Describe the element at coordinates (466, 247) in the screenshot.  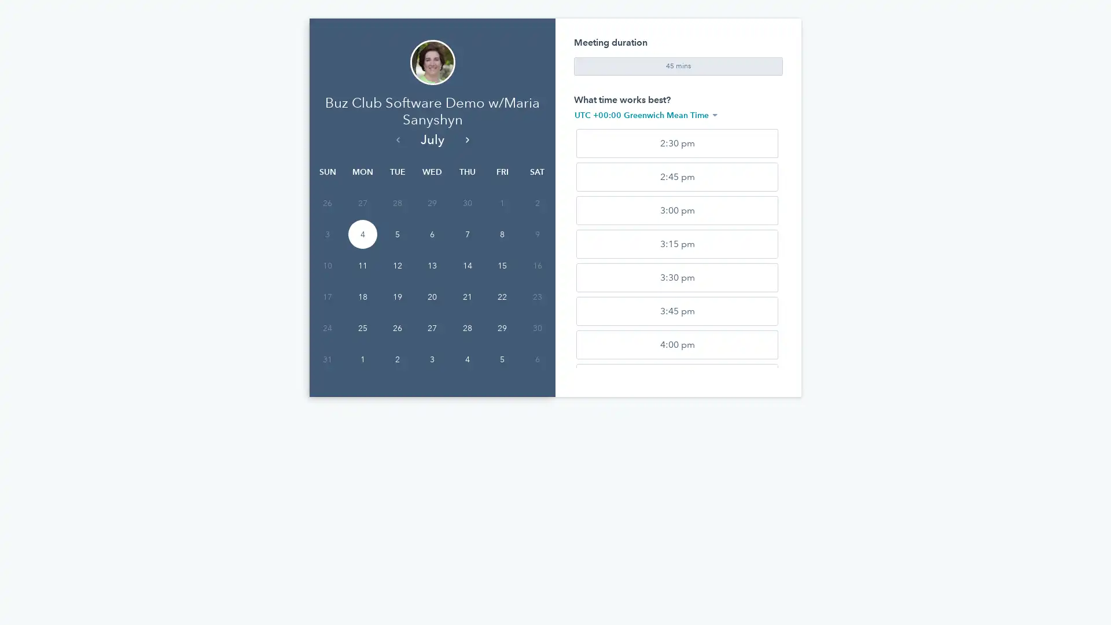
I see `June 30th` at that location.